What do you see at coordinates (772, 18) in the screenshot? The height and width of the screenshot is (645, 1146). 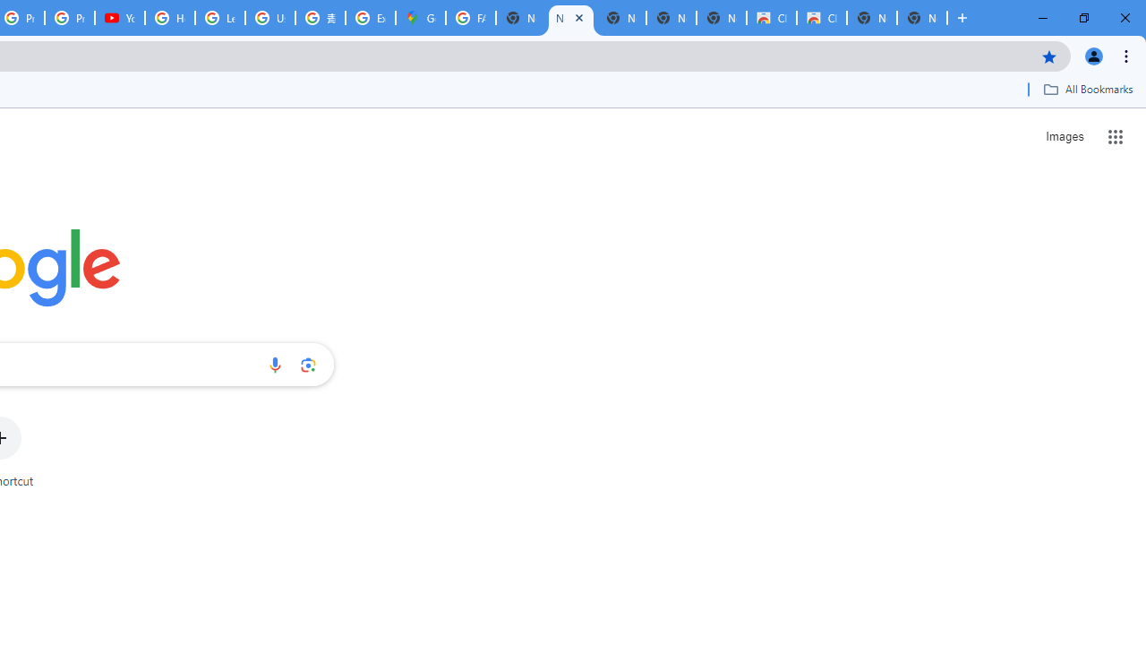 I see `'Classic Blue - Chrome Web Store'` at bounding box center [772, 18].